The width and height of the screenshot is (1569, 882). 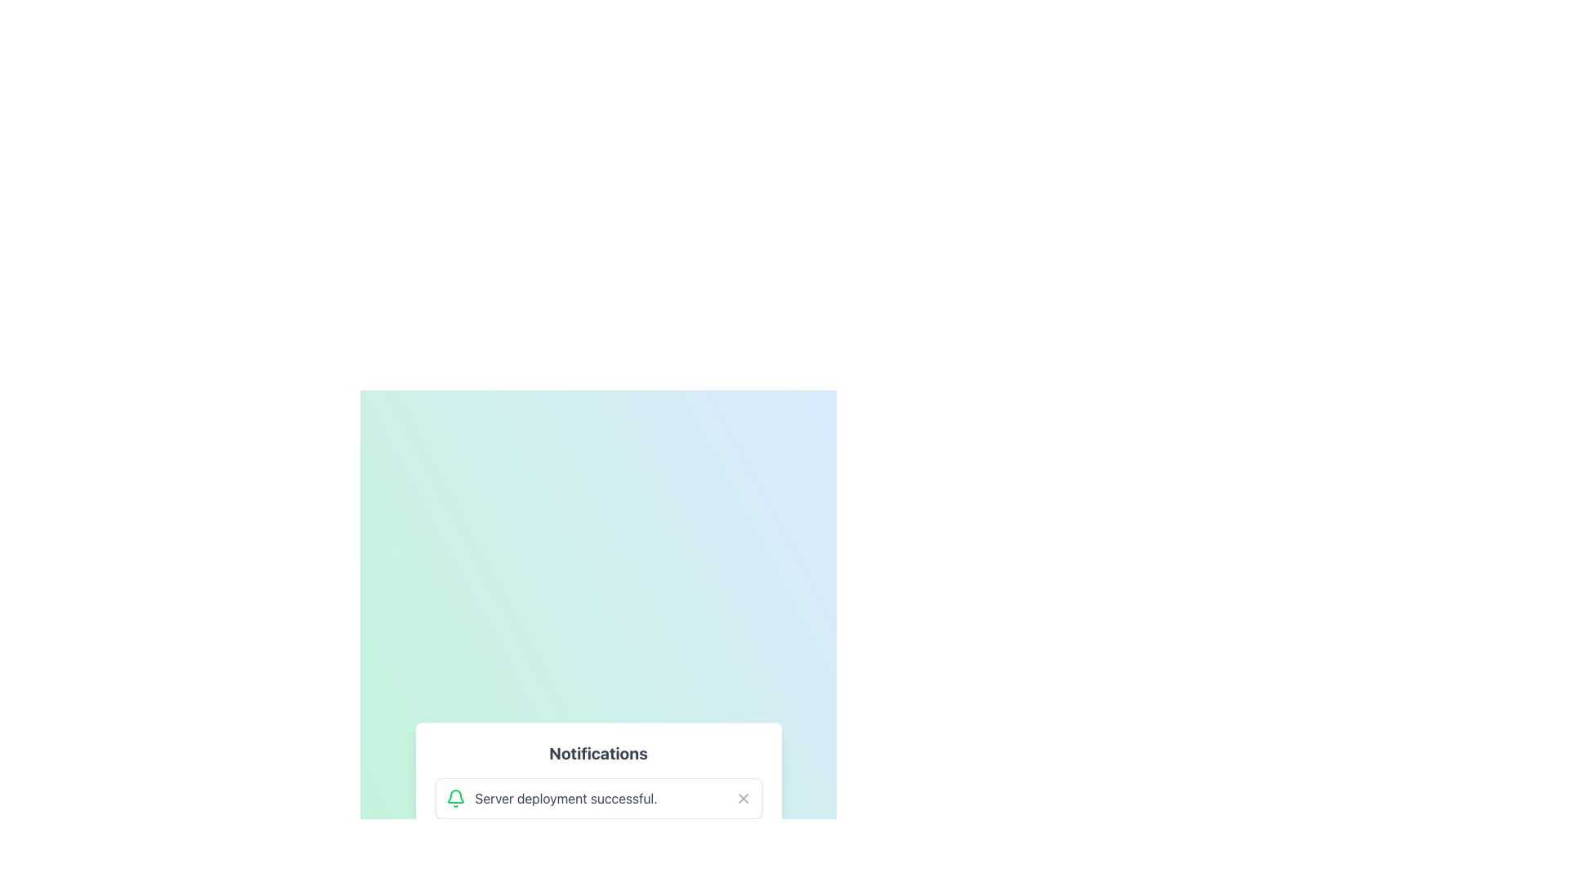 What do you see at coordinates (566, 798) in the screenshot?
I see `the text label displaying 'Server deployment successful.' which is located to the right of a green bell icon in the notification area` at bounding box center [566, 798].